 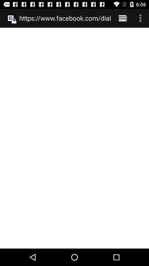 I want to click on icon to the right of the https www facebook icon, so click(x=123, y=18).